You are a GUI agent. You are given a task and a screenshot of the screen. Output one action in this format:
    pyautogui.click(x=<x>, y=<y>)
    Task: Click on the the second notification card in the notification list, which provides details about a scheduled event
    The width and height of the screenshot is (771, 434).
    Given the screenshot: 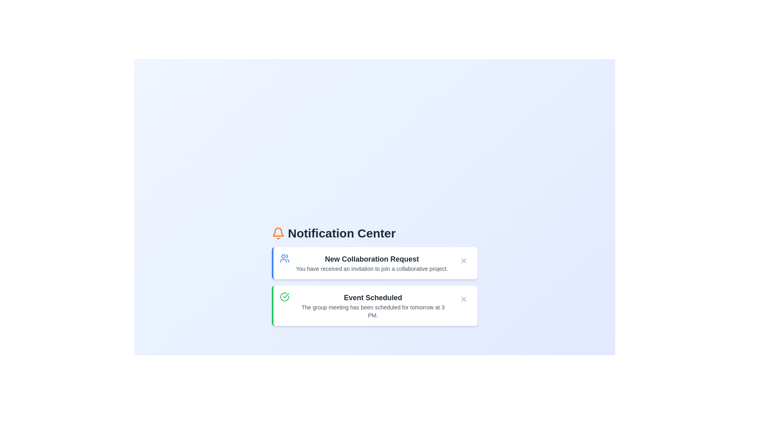 What is the action you would take?
    pyautogui.click(x=372, y=305)
    